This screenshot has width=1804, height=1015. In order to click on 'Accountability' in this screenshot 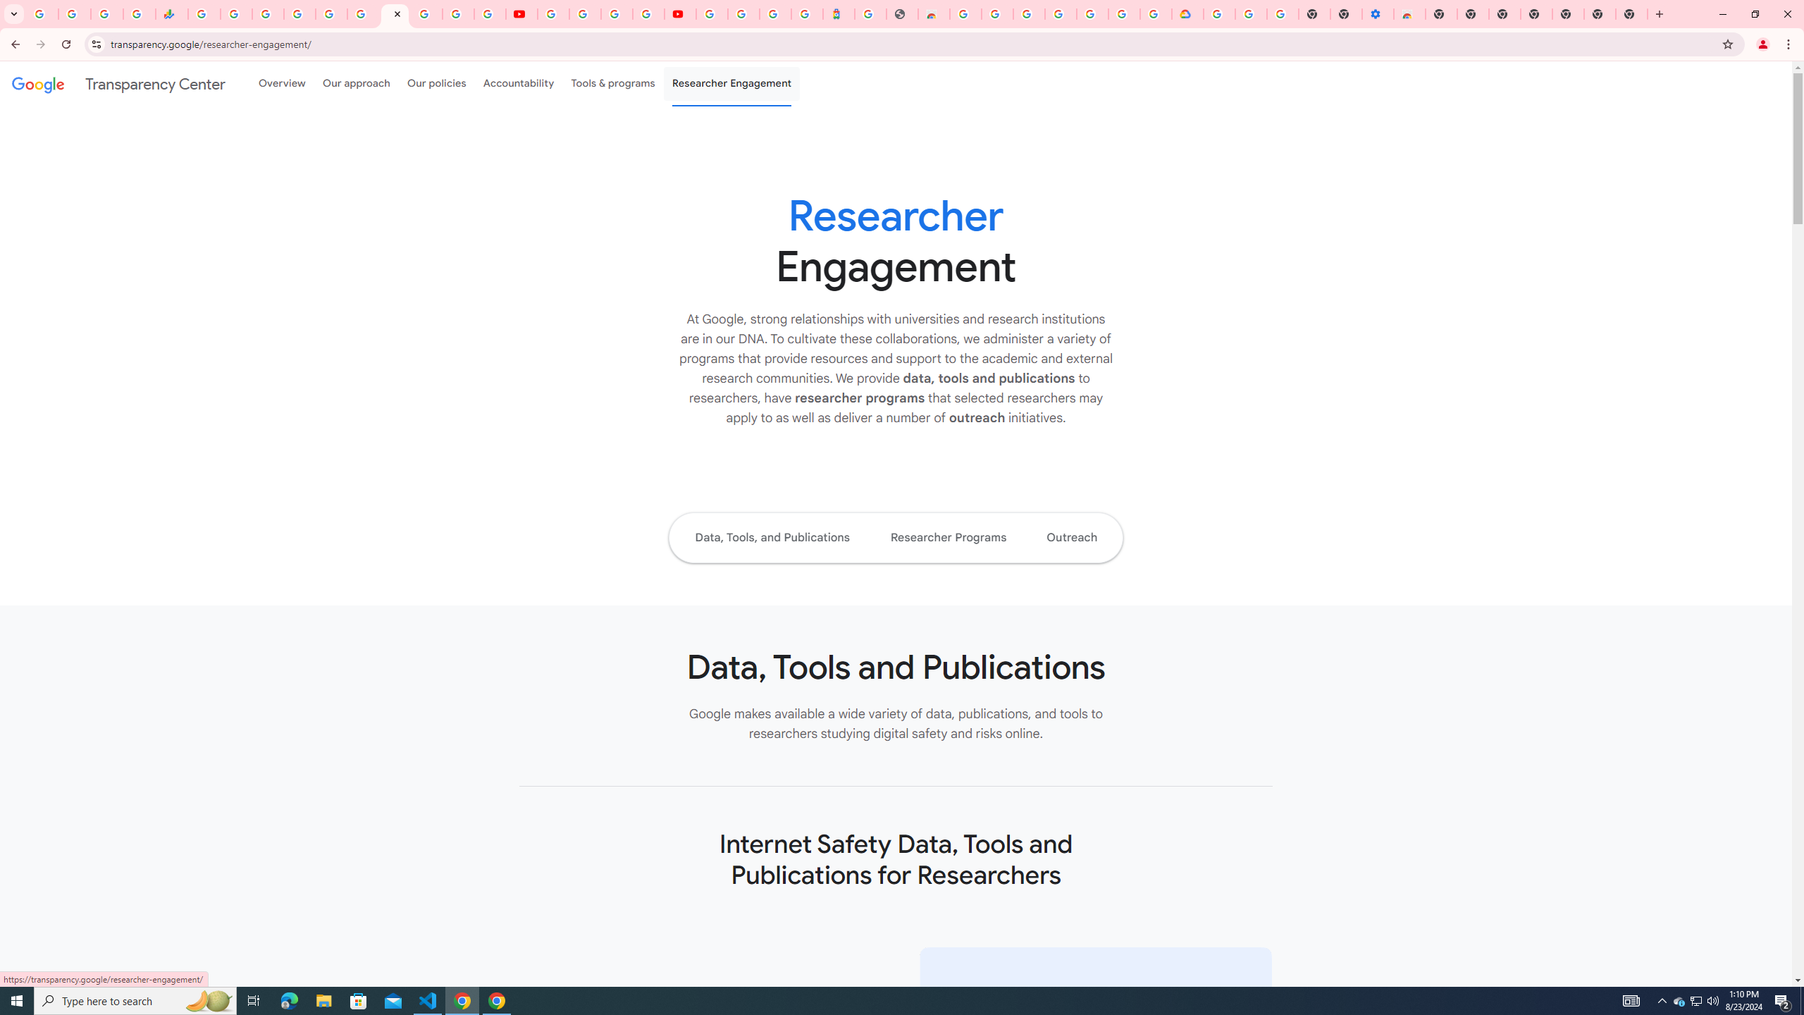, I will do `click(518, 83)`.